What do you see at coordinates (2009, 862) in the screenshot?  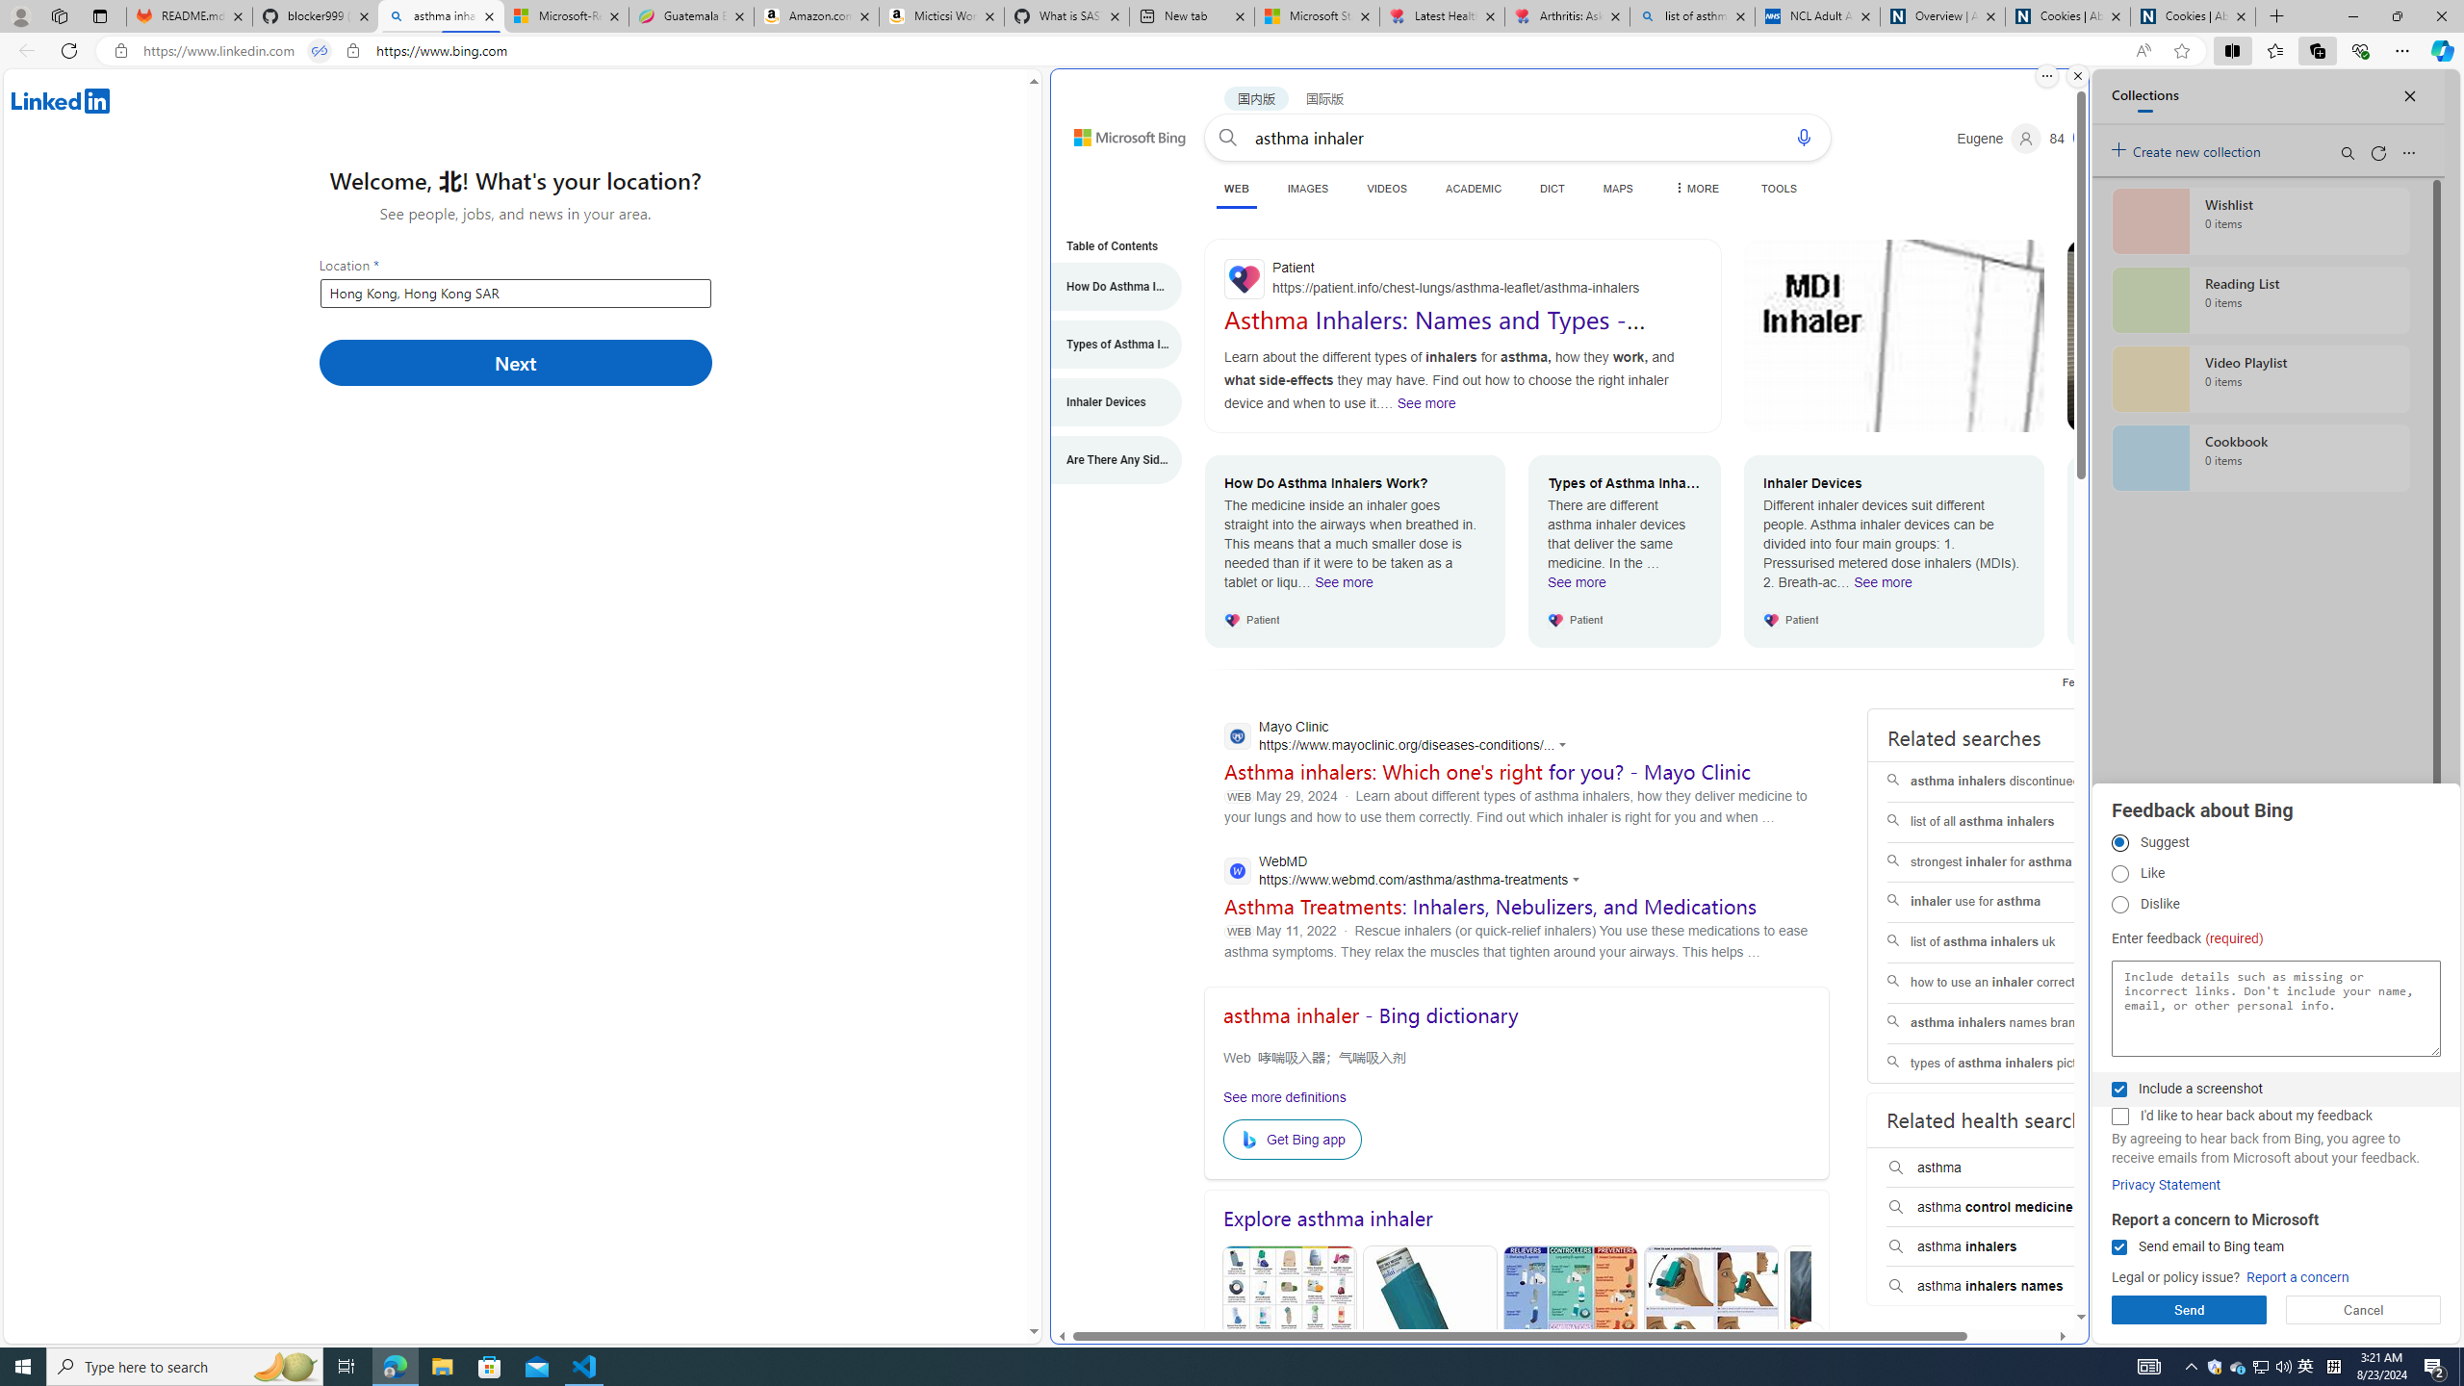 I see `'strongest inhaler for asthma'` at bounding box center [2009, 862].